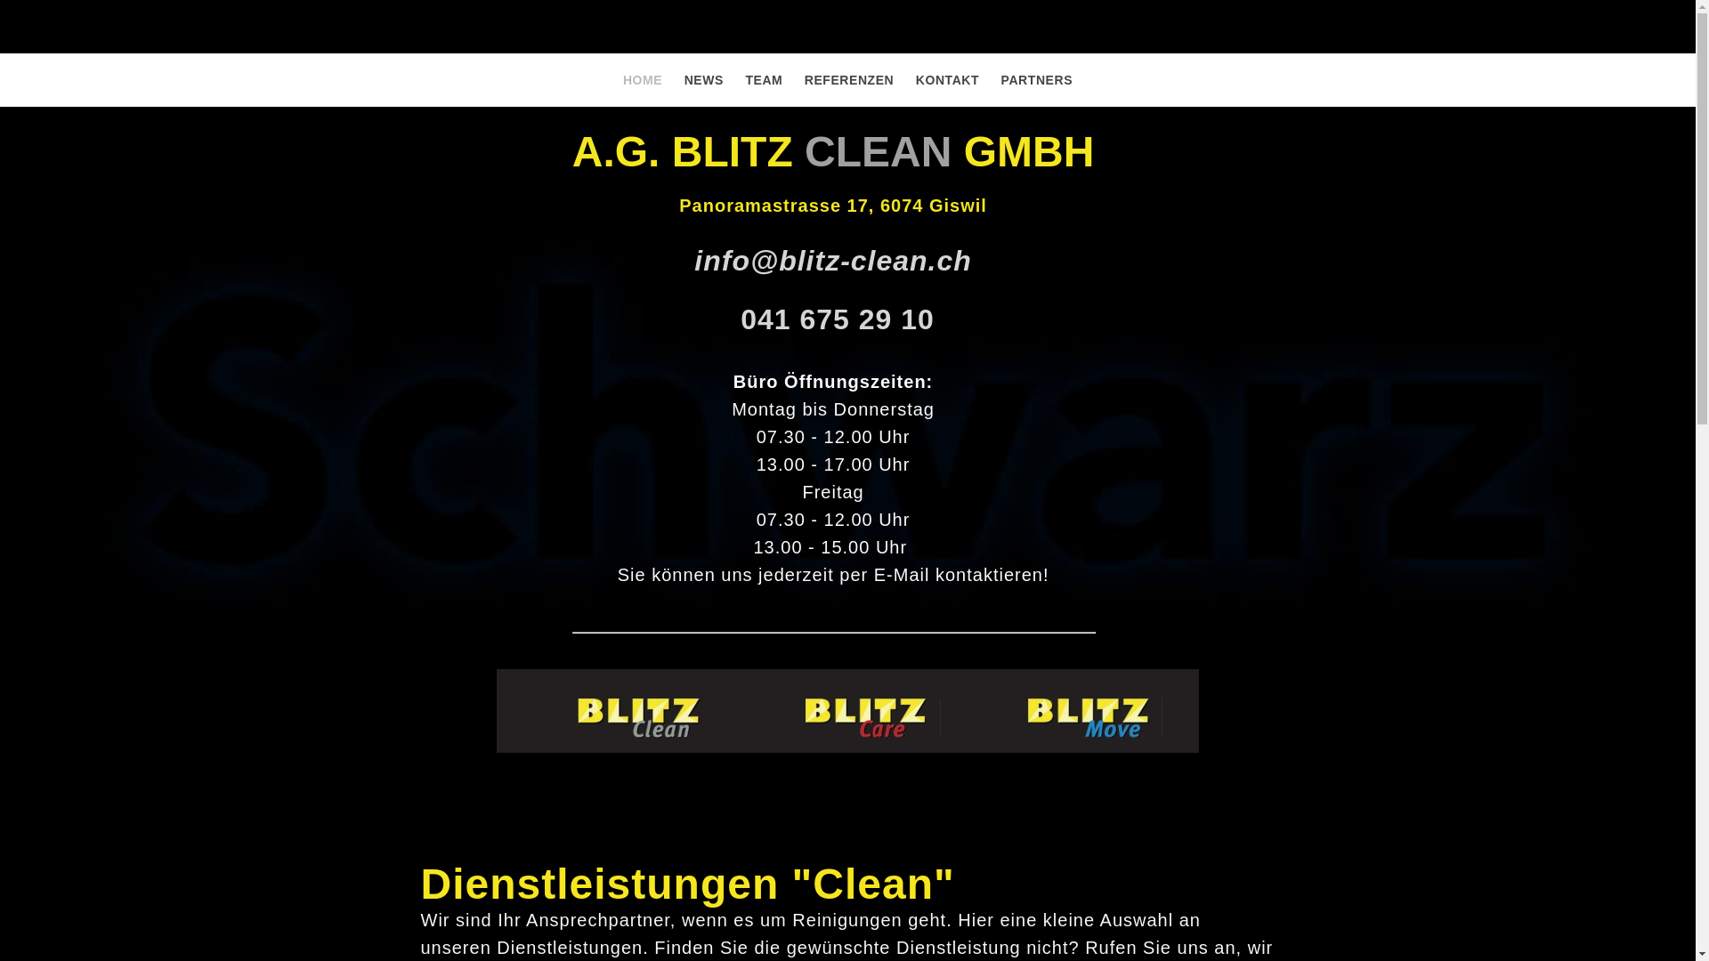  I want to click on 'HOME', so click(641, 78).